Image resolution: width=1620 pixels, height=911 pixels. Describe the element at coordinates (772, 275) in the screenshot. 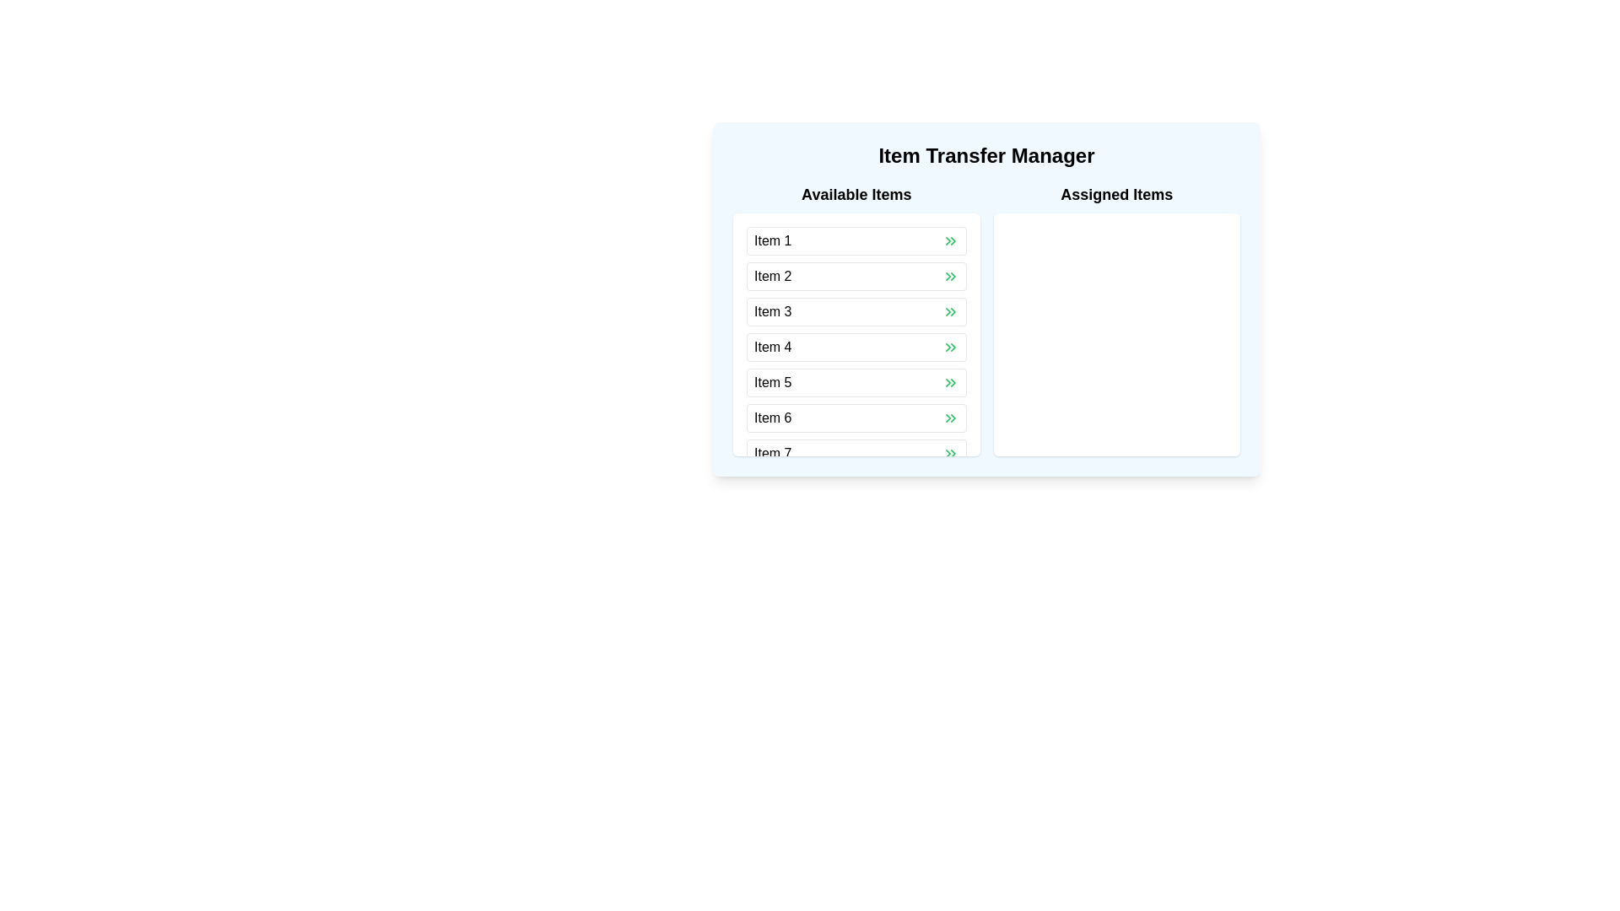

I see `the text label displaying 'Item 2' in the 'Available Items' column of the 'Item Transfer Manager' interface` at that location.